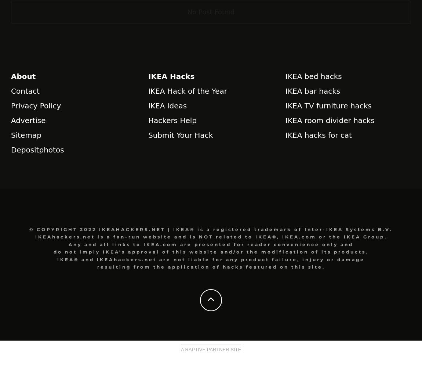 This screenshot has width=422, height=388. What do you see at coordinates (28, 120) in the screenshot?
I see `'Advertise'` at bounding box center [28, 120].